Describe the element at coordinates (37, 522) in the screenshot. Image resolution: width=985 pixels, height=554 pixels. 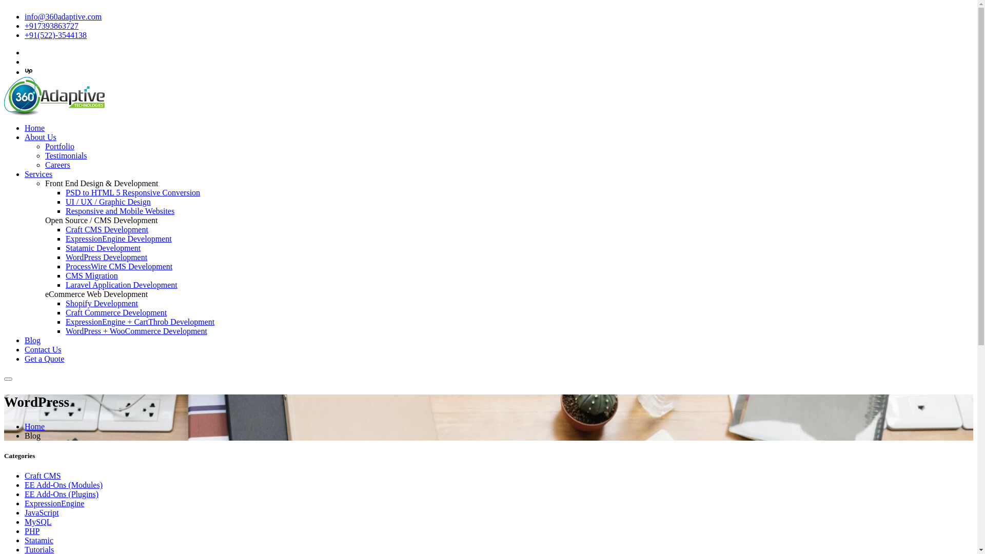
I see `'MySQL'` at that location.